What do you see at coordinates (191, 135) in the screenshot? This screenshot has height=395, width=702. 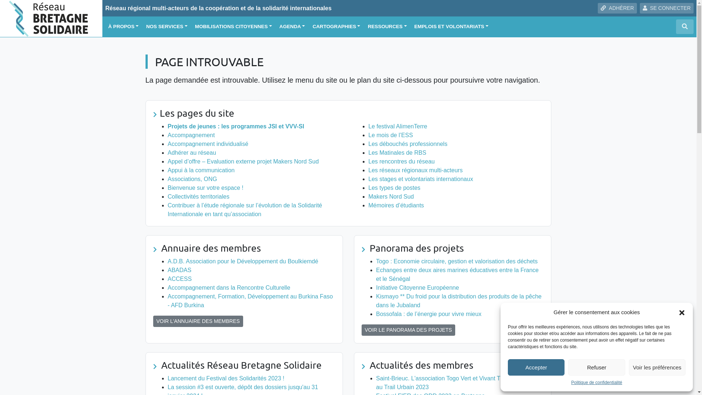 I see `'Accompagnement'` at bounding box center [191, 135].